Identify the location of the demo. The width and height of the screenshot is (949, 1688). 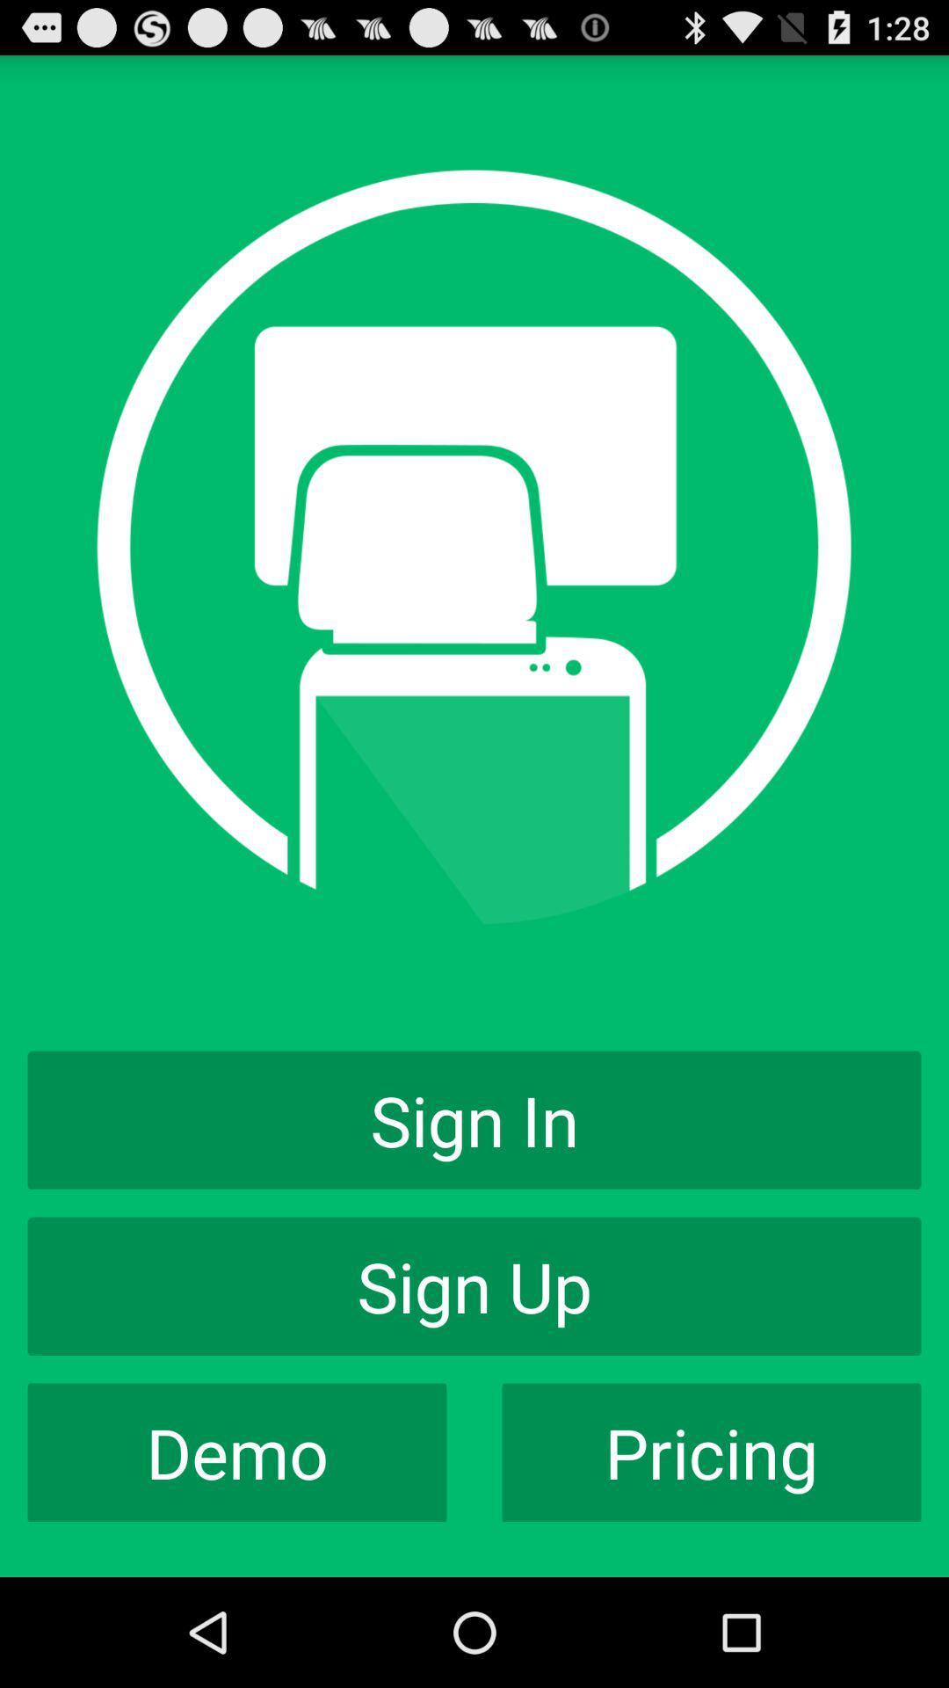
(237, 1452).